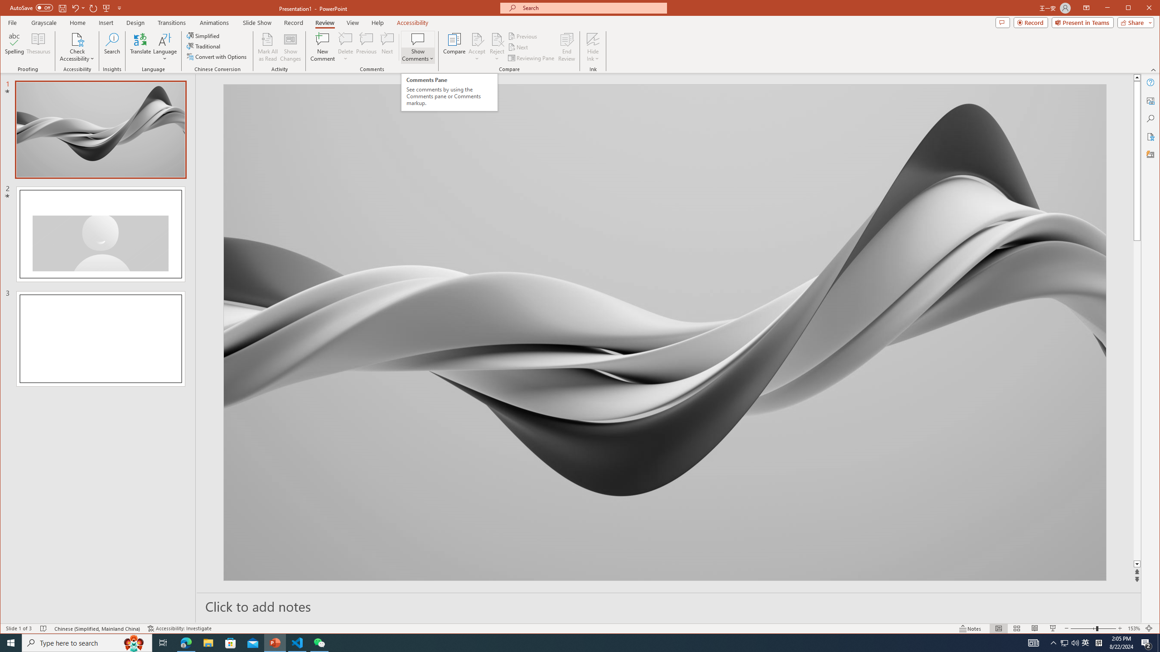 The height and width of the screenshot is (652, 1160). I want to click on 'Tray Input Indicator - Chinese (Simplified, China)', so click(1098, 642).